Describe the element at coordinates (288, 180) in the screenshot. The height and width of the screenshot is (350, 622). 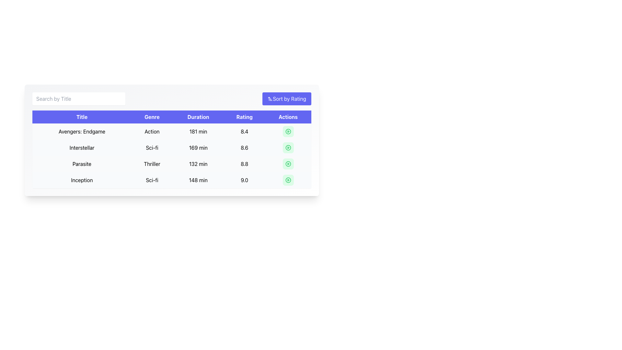
I see `the playback button for the movie 'Inception' located in the last row under the 'Actions' column` at that location.